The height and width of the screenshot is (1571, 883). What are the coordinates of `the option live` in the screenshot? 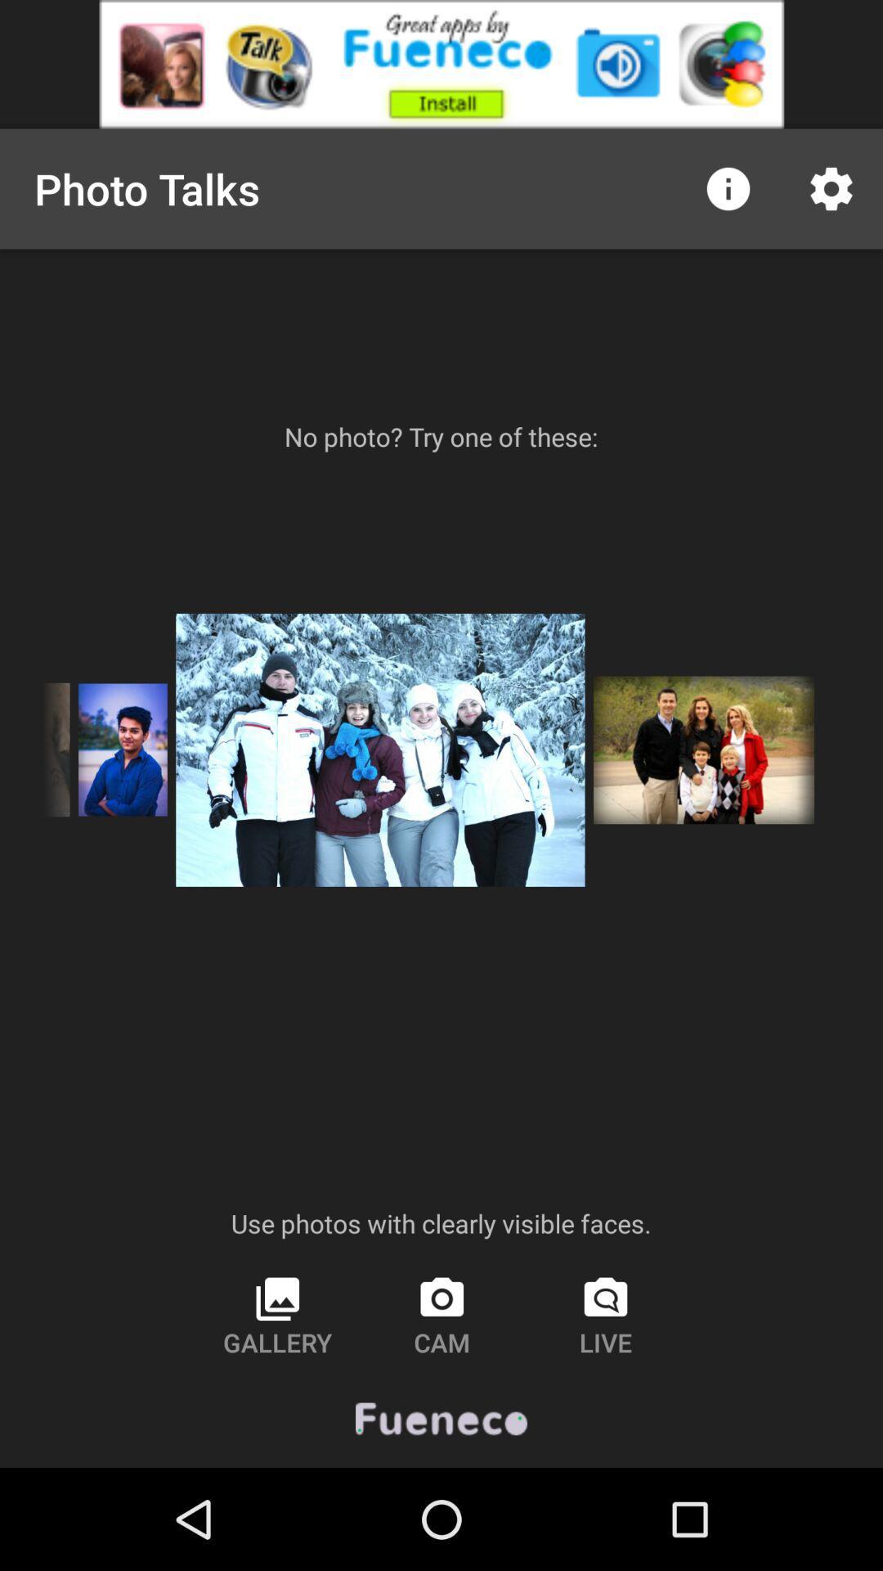 It's located at (606, 1316).